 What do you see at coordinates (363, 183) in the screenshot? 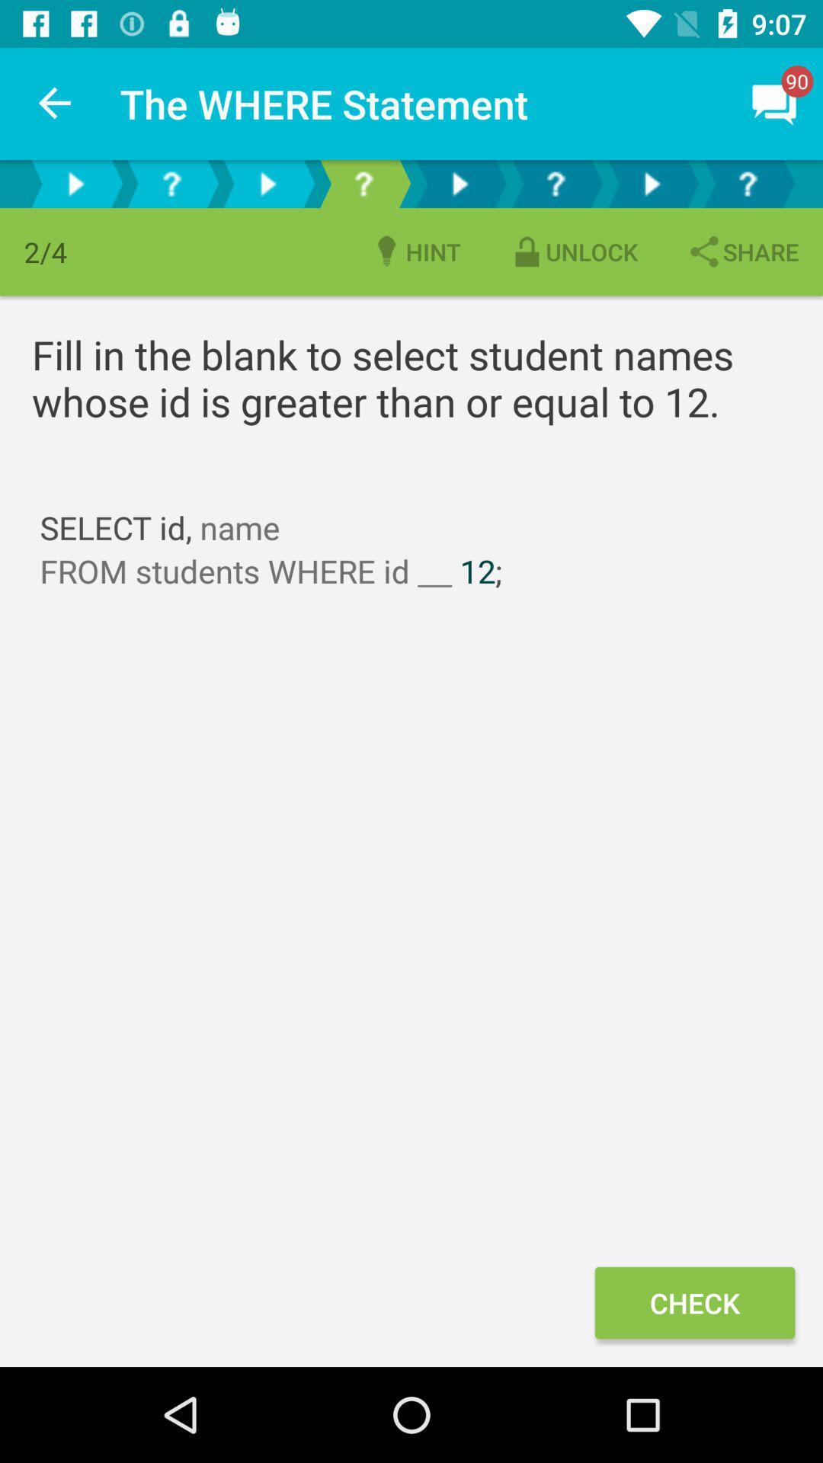
I see `help the article` at bounding box center [363, 183].